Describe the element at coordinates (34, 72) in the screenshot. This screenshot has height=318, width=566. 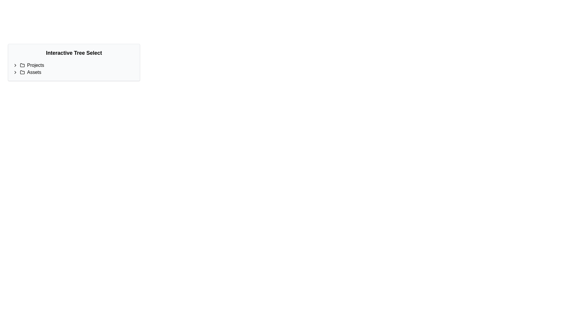
I see `the text label for the 'Assets' folder in the interactive tree interface` at that location.